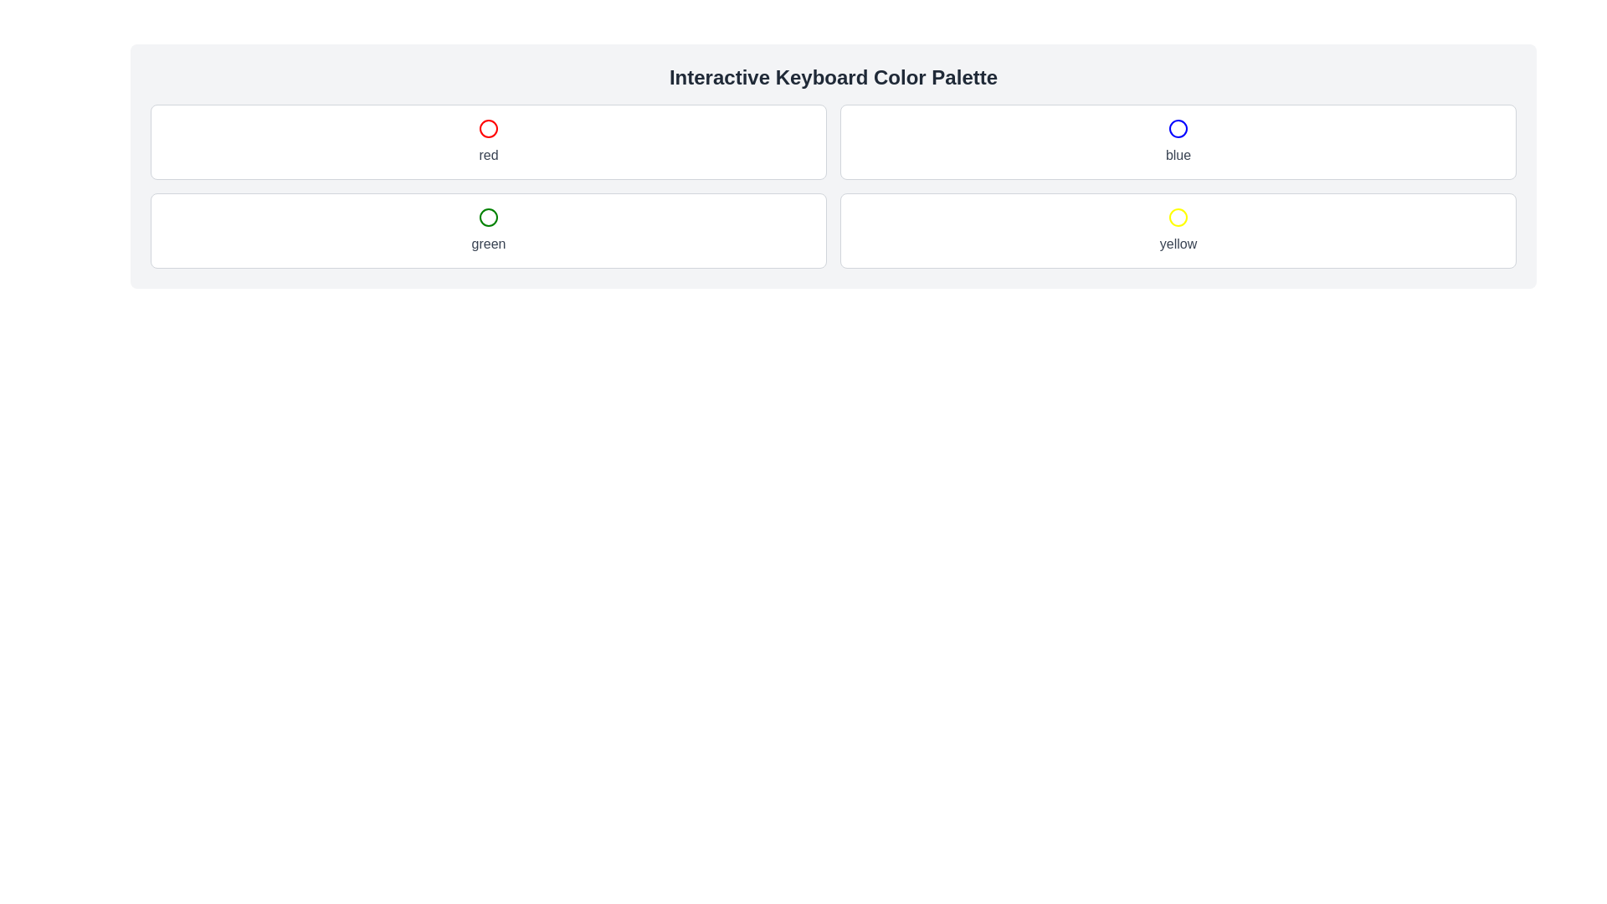  What do you see at coordinates (488, 231) in the screenshot?
I see `the interactive card labeled 'green', which is the third option in a grid layout located in the lower-left section` at bounding box center [488, 231].